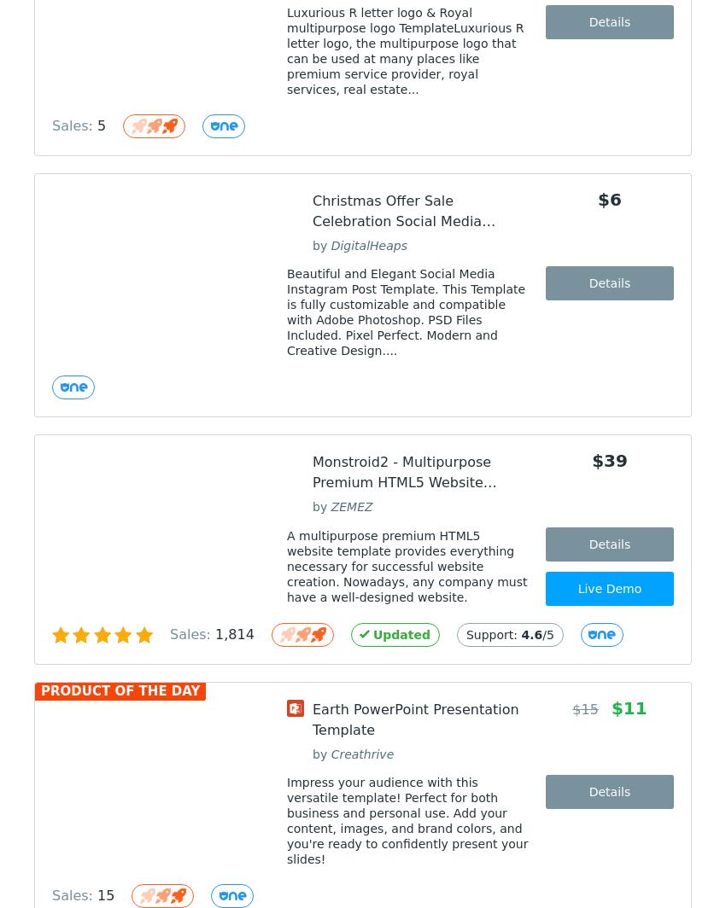  I want to click on '$15', so click(584, 709).